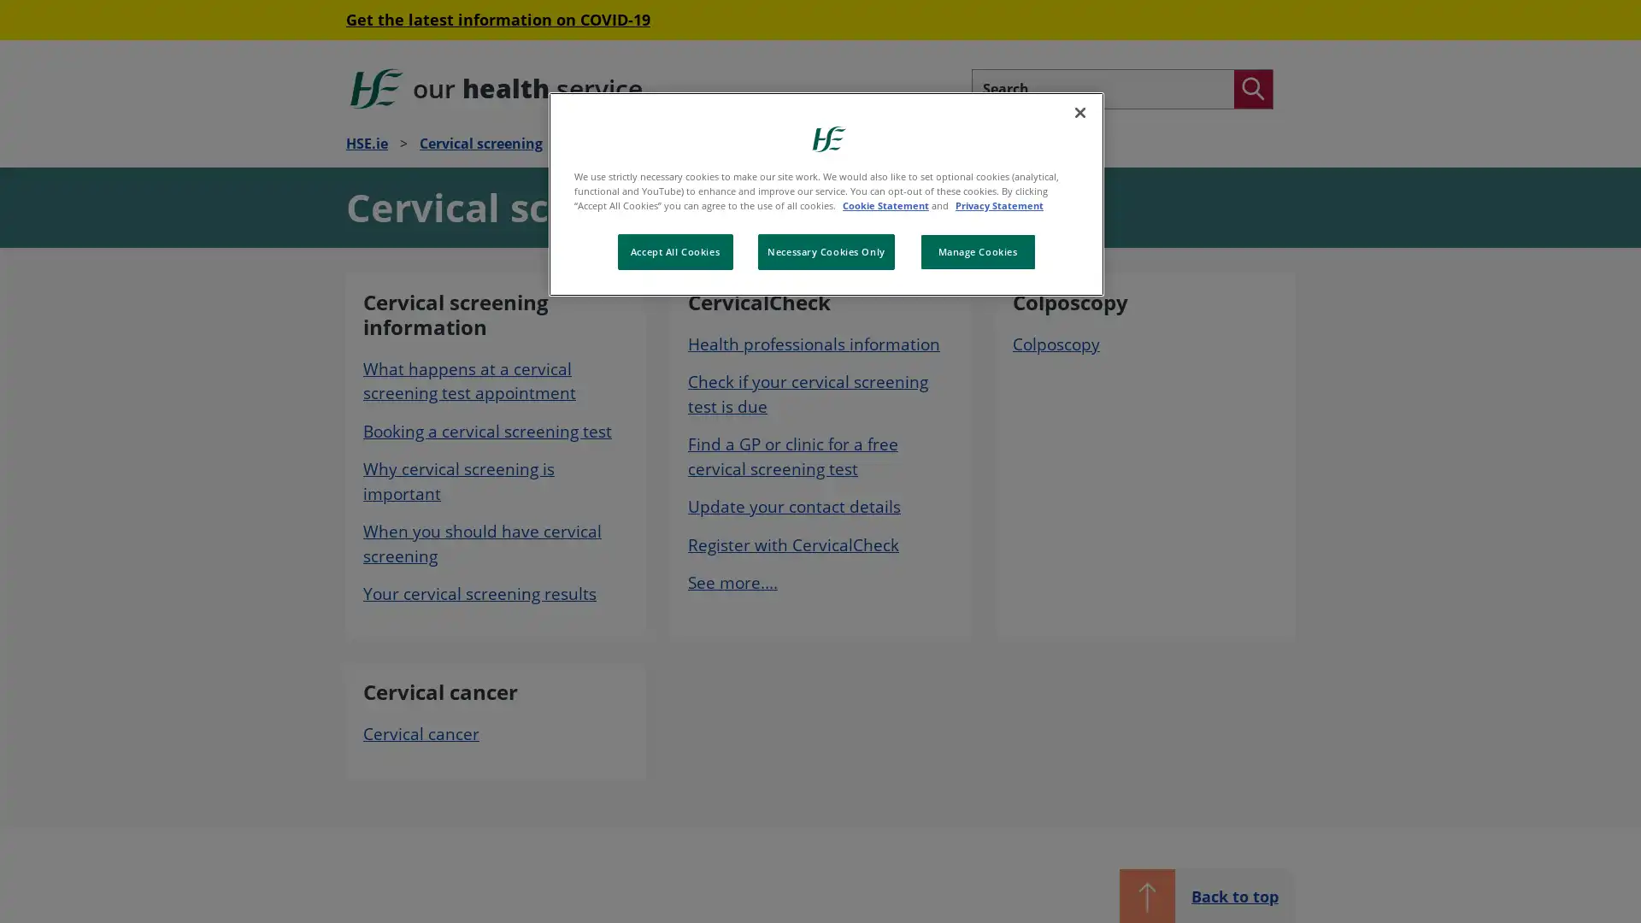 Image resolution: width=1641 pixels, height=923 pixels. What do you see at coordinates (977, 251) in the screenshot?
I see `Manage Cookies` at bounding box center [977, 251].